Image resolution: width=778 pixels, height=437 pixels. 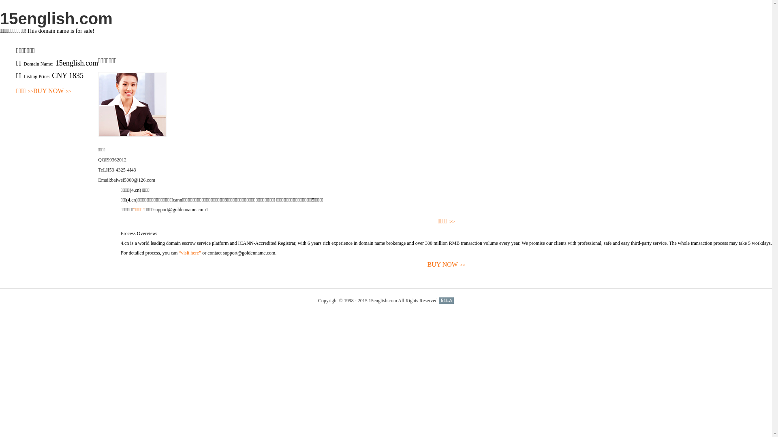 What do you see at coordinates (446, 265) in the screenshot?
I see `'BUY NOW>>'` at bounding box center [446, 265].